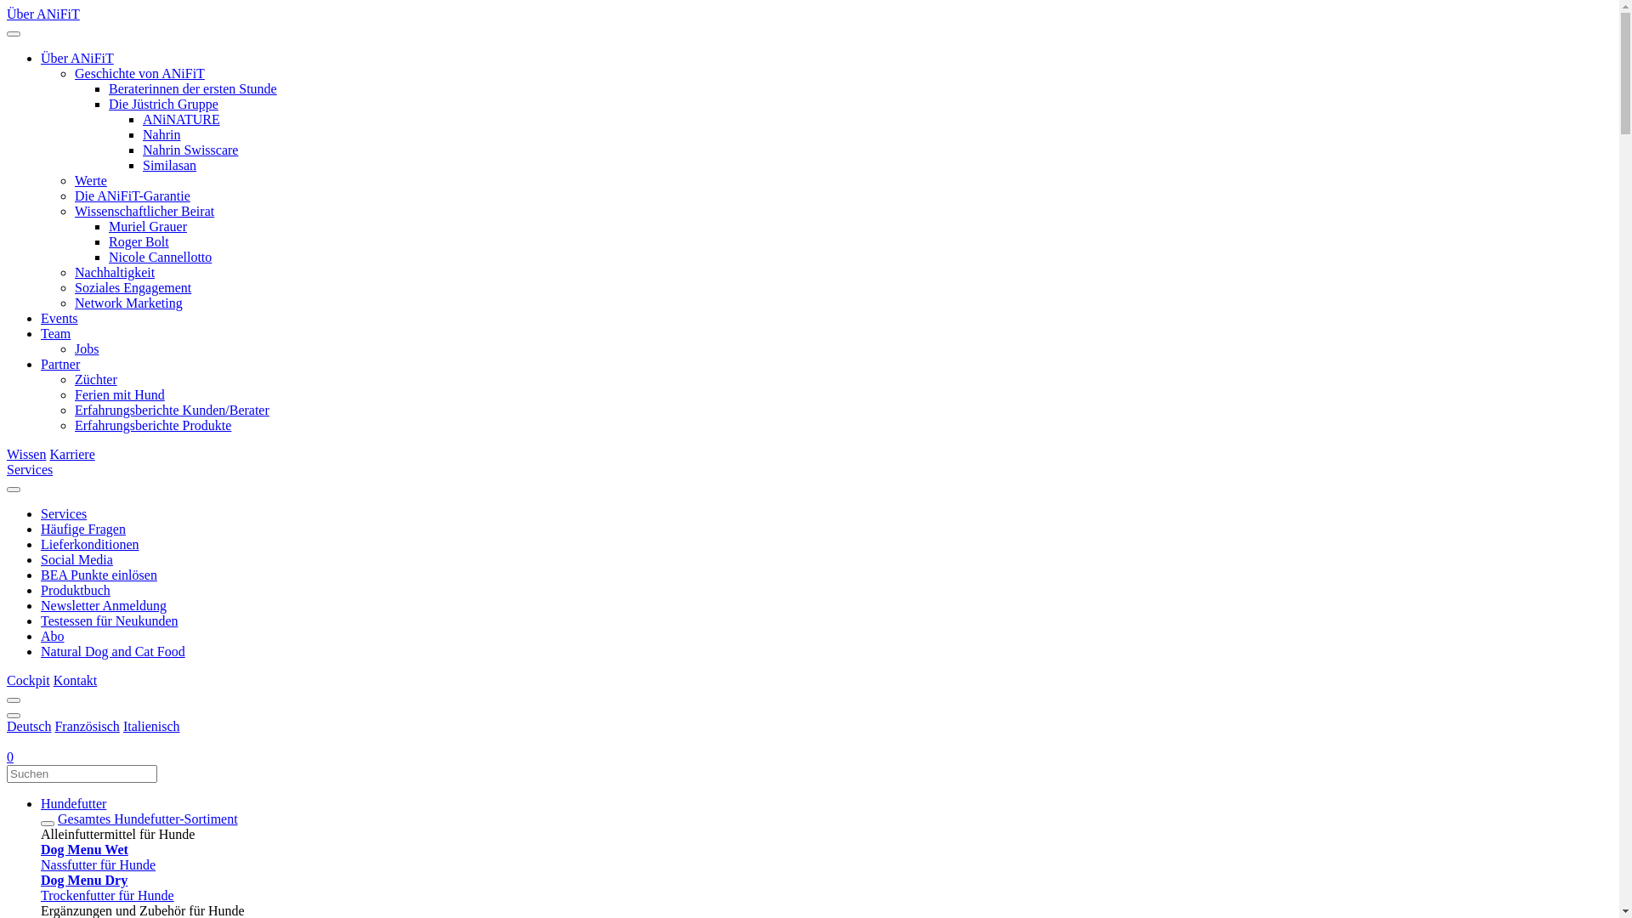 The width and height of the screenshot is (1632, 918). What do you see at coordinates (160, 257) in the screenshot?
I see `'Nicole Cannellotto'` at bounding box center [160, 257].